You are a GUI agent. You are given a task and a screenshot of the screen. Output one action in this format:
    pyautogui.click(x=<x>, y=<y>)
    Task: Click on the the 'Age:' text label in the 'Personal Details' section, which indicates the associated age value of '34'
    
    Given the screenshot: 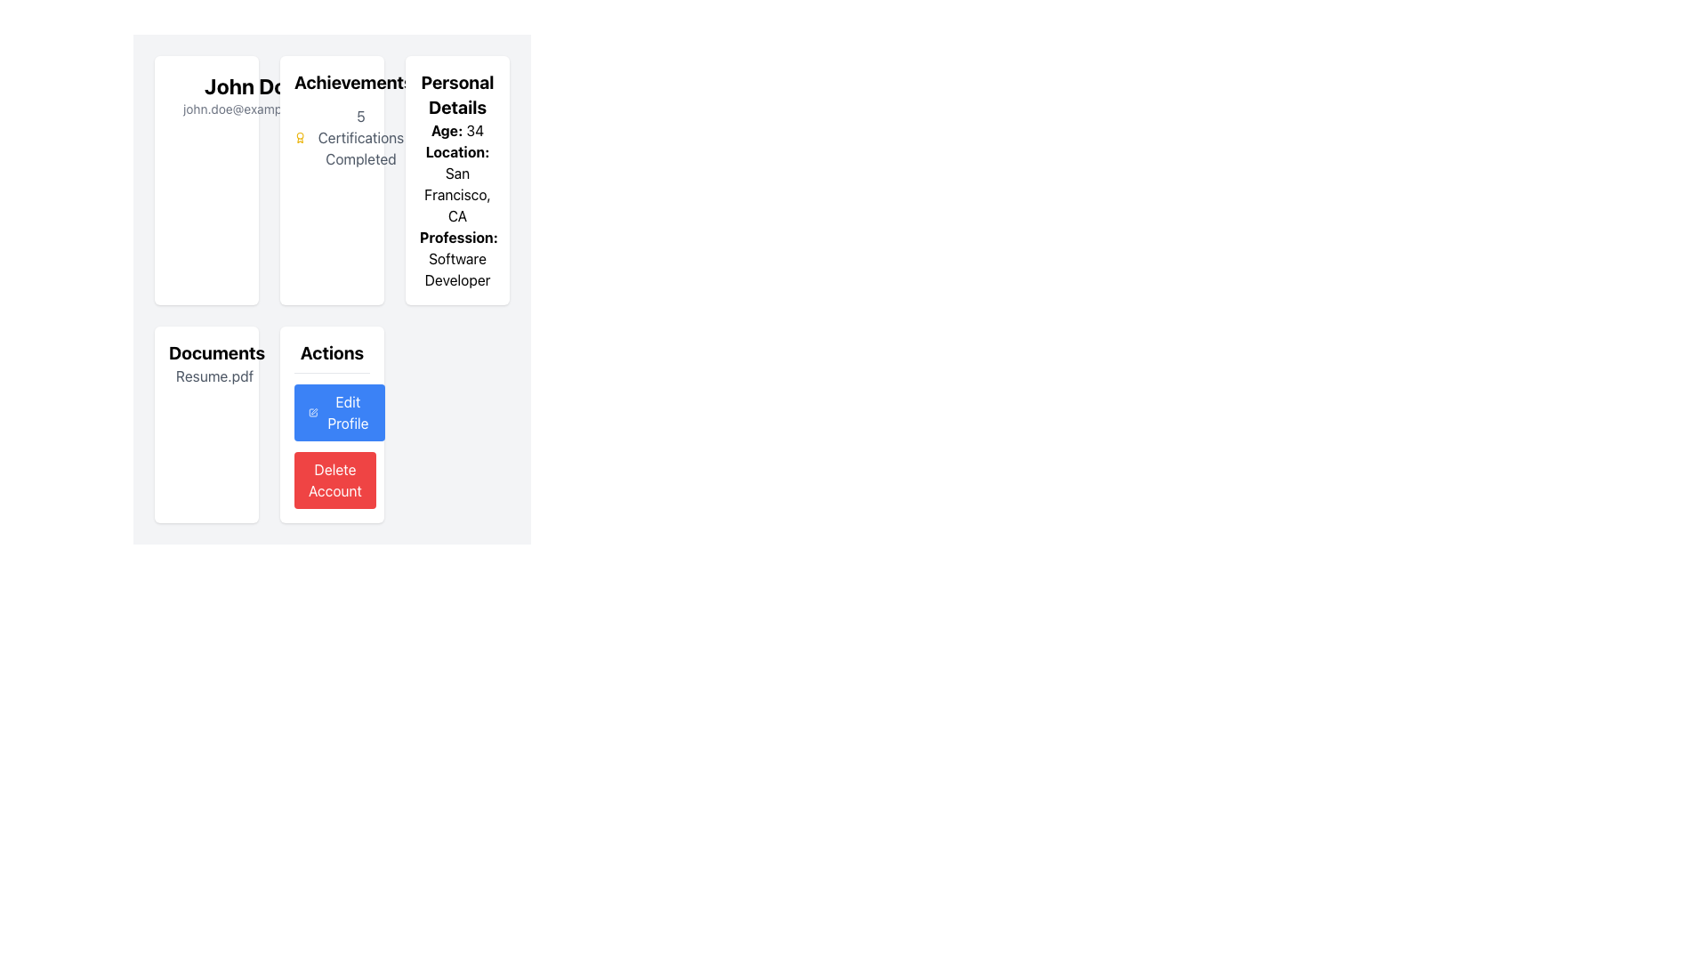 What is the action you would take?
    pyautogui.click(x=447, y=129)
    